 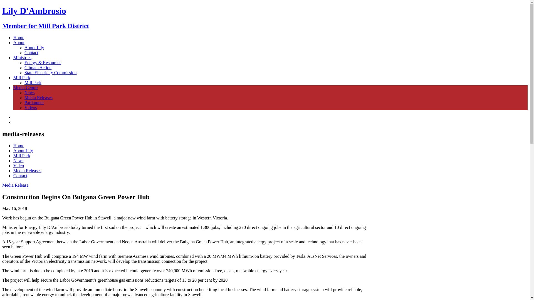 What do you see at coordinates (22, 57) in the screenshot?
I see `'Ministries'` at bounding box center [22, 57].